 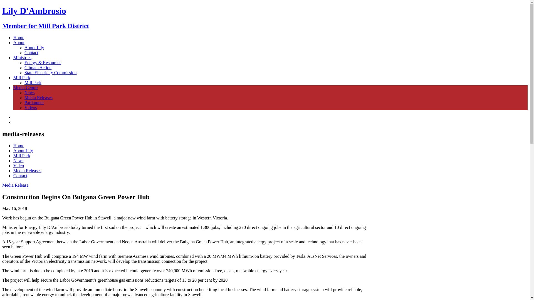 What do you see at coordinates (22, 57) in the screenshot?
I see `'Ministries'` at bounding box center [22, 57].